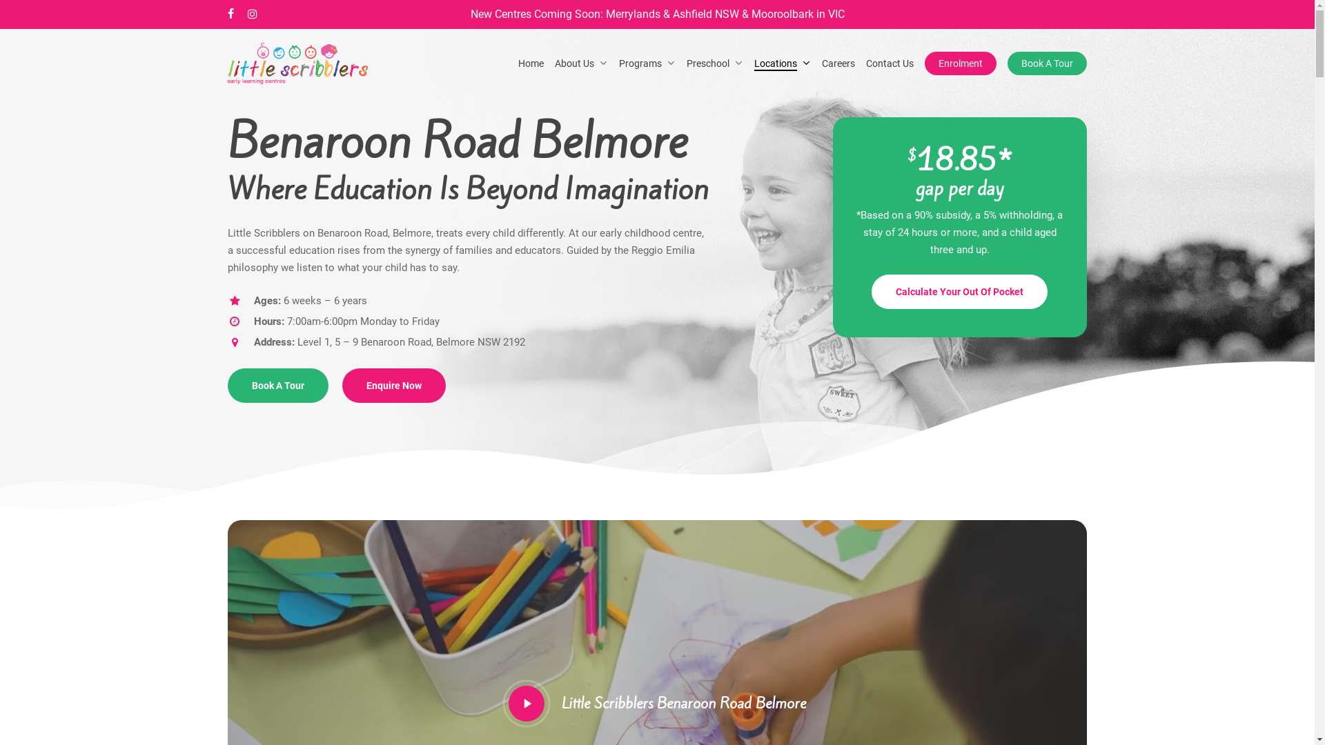  I want to click on 'Book A Tour', so click(1047, 63).